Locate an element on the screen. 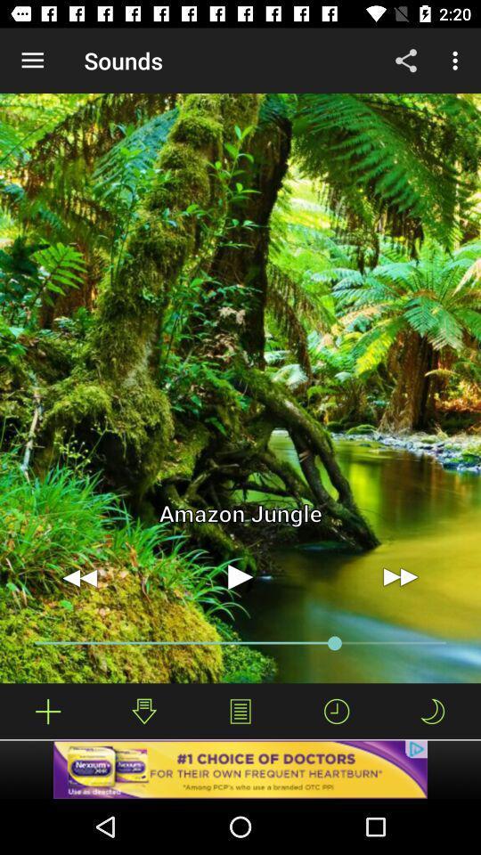  the time icon is located at coordinates (337, 711).